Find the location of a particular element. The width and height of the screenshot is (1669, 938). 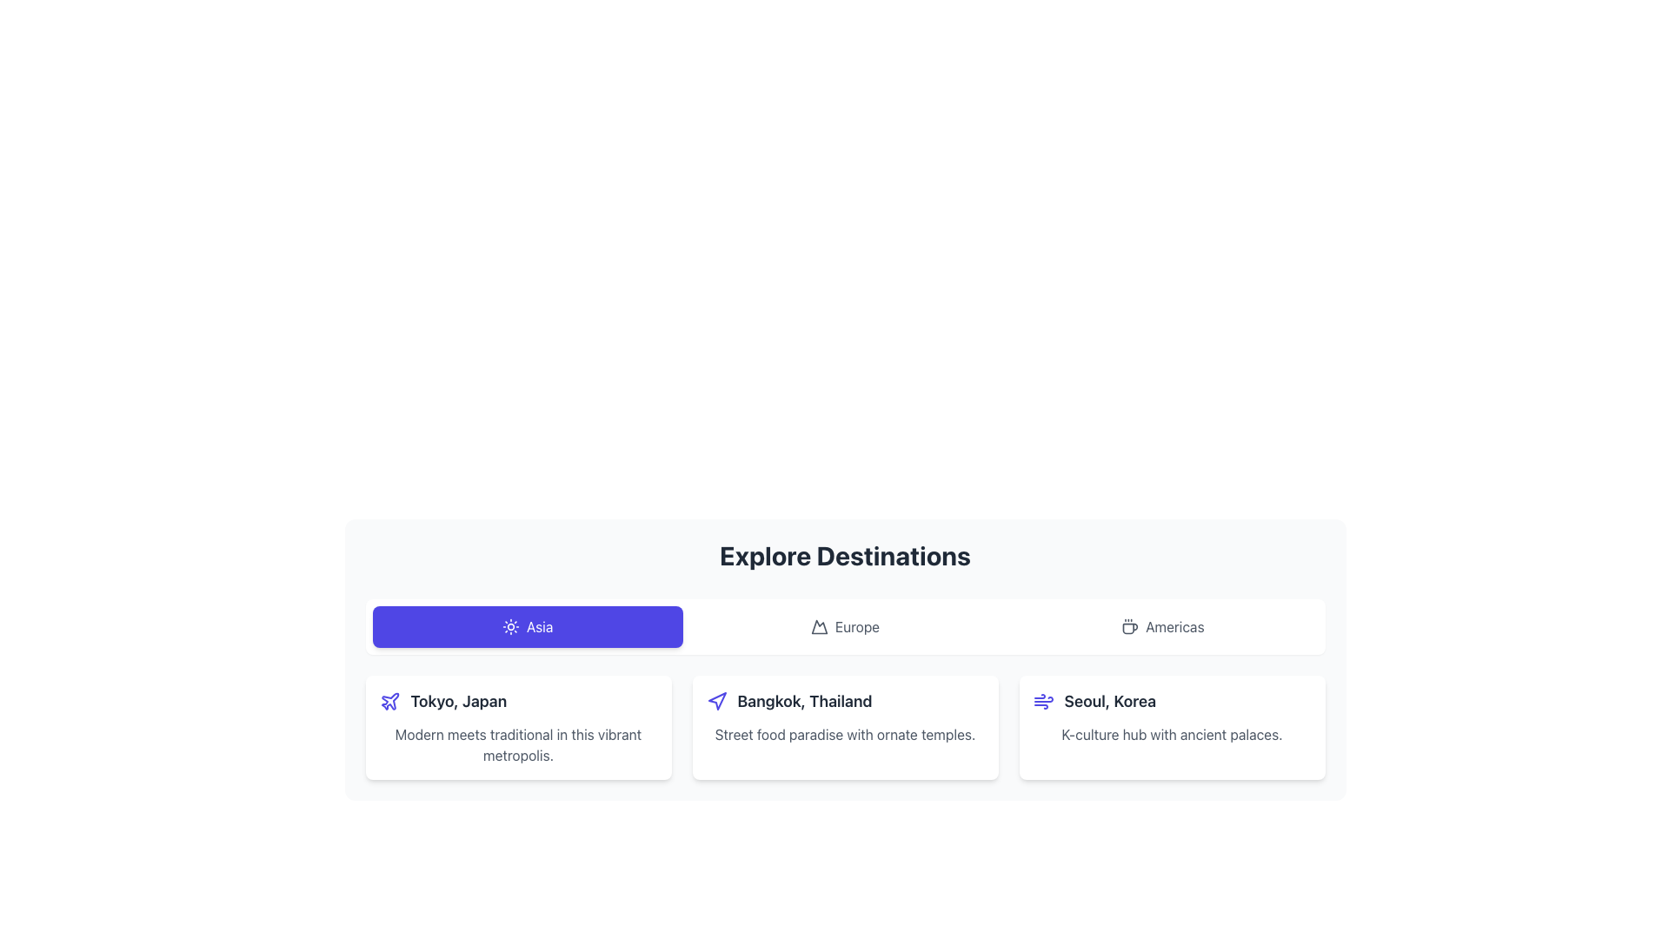

the 'Americas' text label on the navigation bar is located at coordinates (1174, 626).